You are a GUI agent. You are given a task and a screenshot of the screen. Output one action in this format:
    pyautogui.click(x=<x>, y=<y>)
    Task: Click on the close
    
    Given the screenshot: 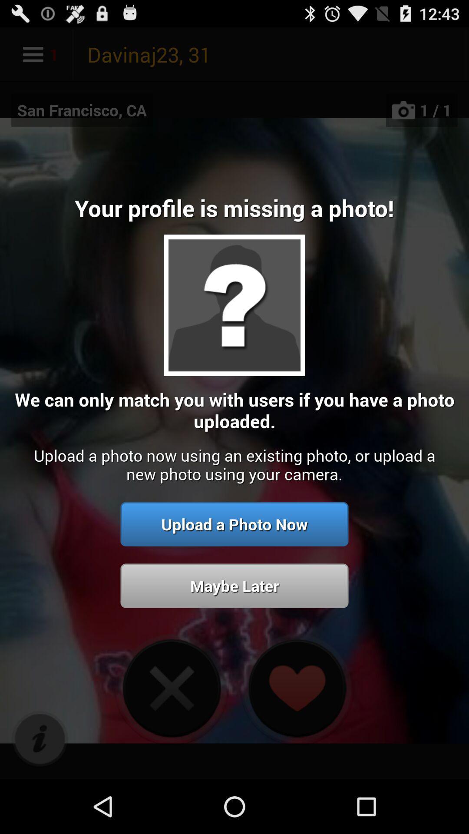 What is the action you would take?
    pyautogui.click(x=172, y=688)
    